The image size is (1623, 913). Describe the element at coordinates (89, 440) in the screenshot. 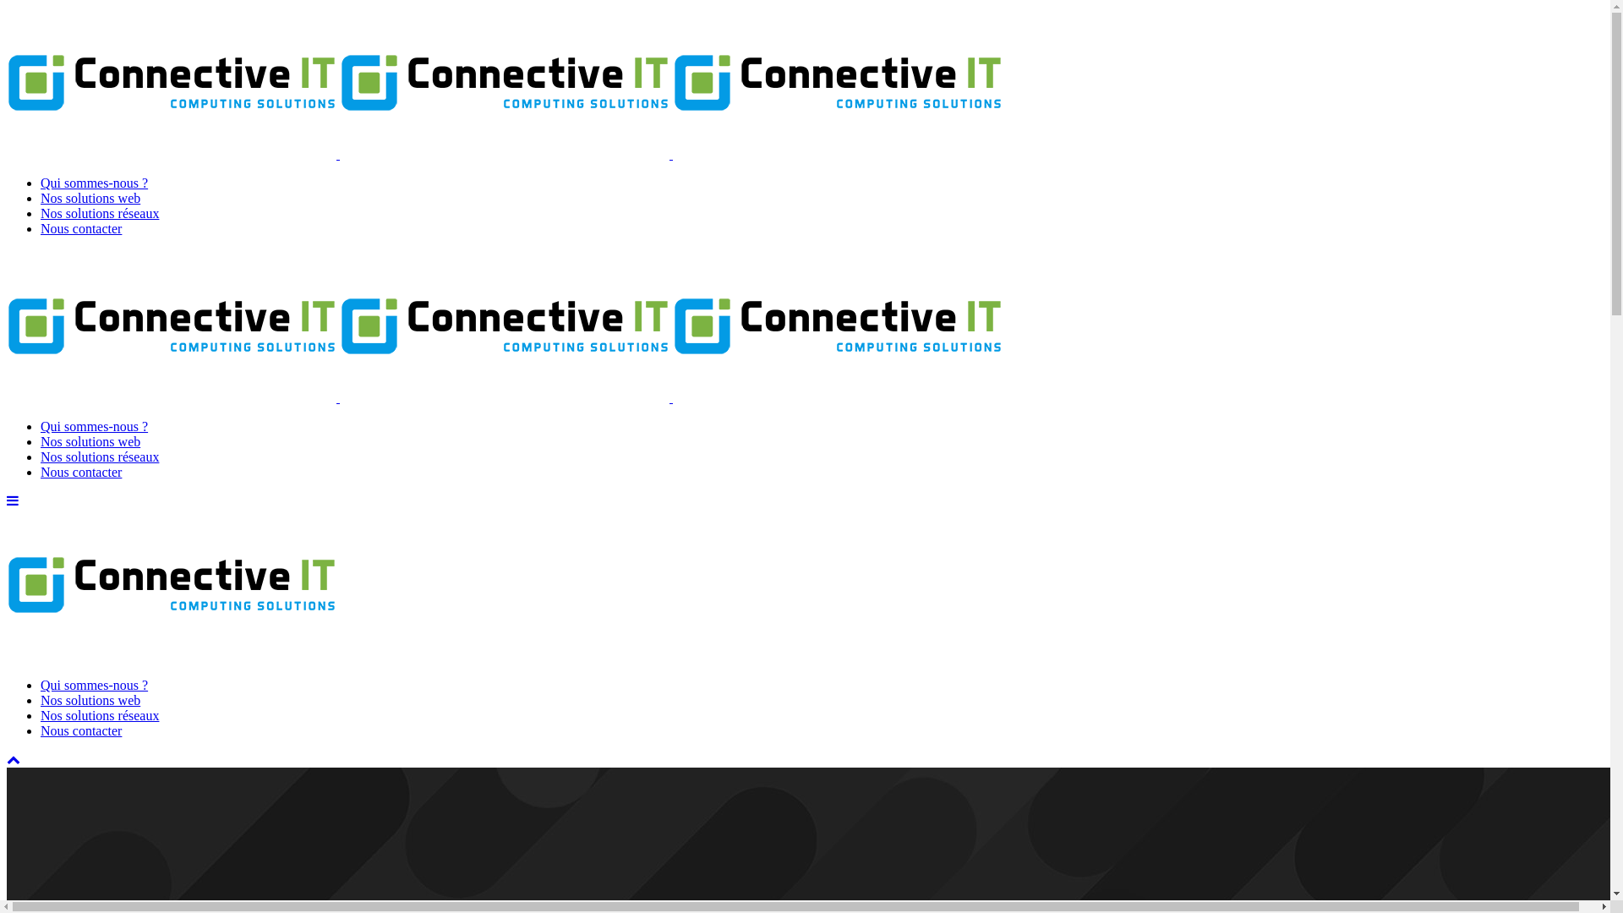

I see `'Nos solutions web'` at that location.